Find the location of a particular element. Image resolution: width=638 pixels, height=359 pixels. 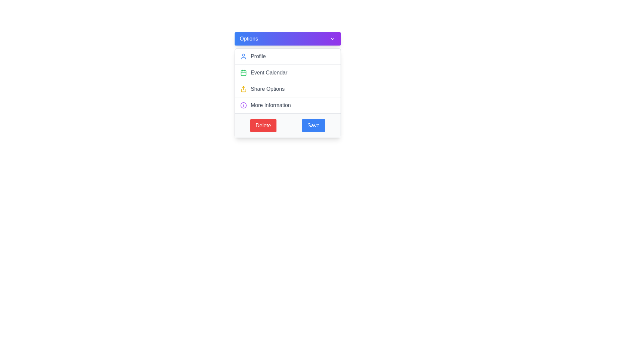

the 'Share Options' text label, which is styled with gray font on a white background and positioned in a dropdown menu between 'Event Calendar' and 'More Information' is located at coordinates (267, 88).